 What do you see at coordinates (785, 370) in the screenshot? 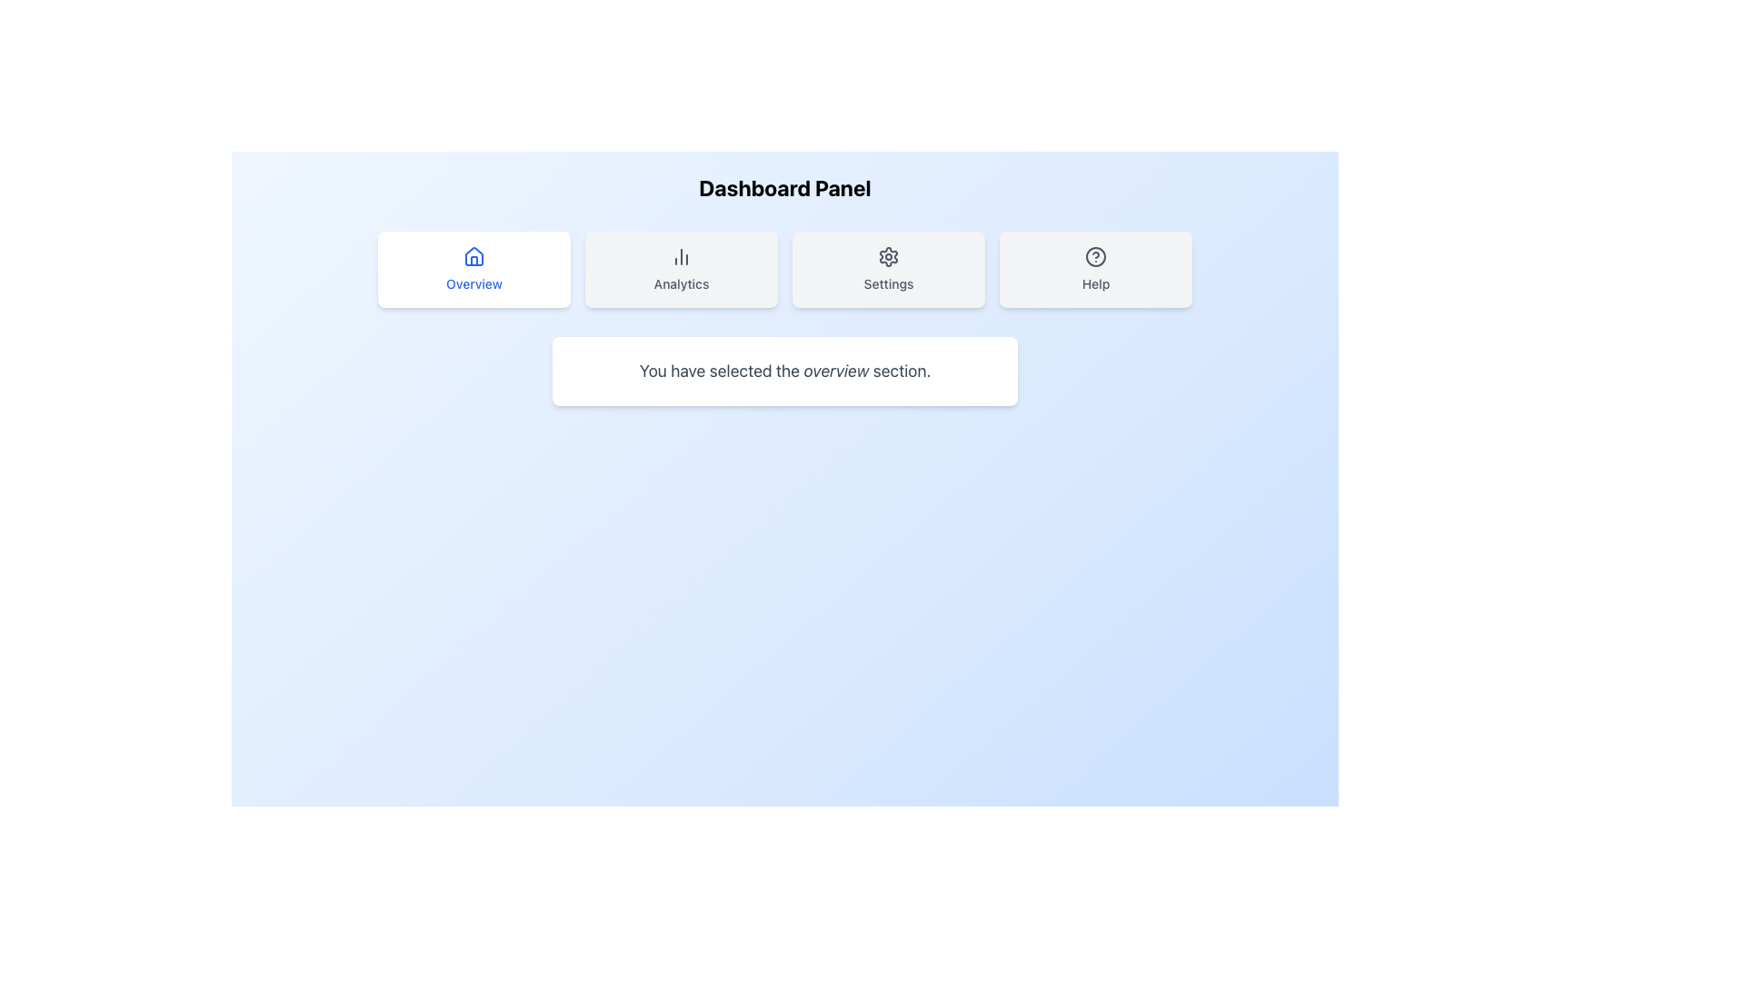
I see `the Information Box with the message 'You have selected the overview section.' which is centrally aligned under the navigation items in the Dashboard Panel` at bounding box center [785, 370].